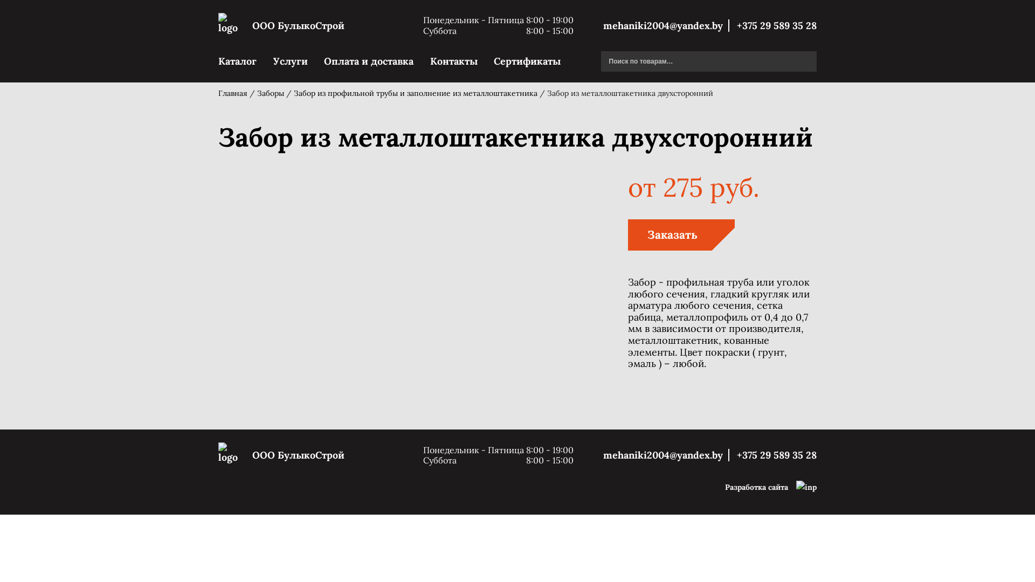 This screenshot has width=1035, height=582. Describe the element at coordinates (666, 25) in the screenshot. I see `'mehaniki2004@yandex.by'` at that location.